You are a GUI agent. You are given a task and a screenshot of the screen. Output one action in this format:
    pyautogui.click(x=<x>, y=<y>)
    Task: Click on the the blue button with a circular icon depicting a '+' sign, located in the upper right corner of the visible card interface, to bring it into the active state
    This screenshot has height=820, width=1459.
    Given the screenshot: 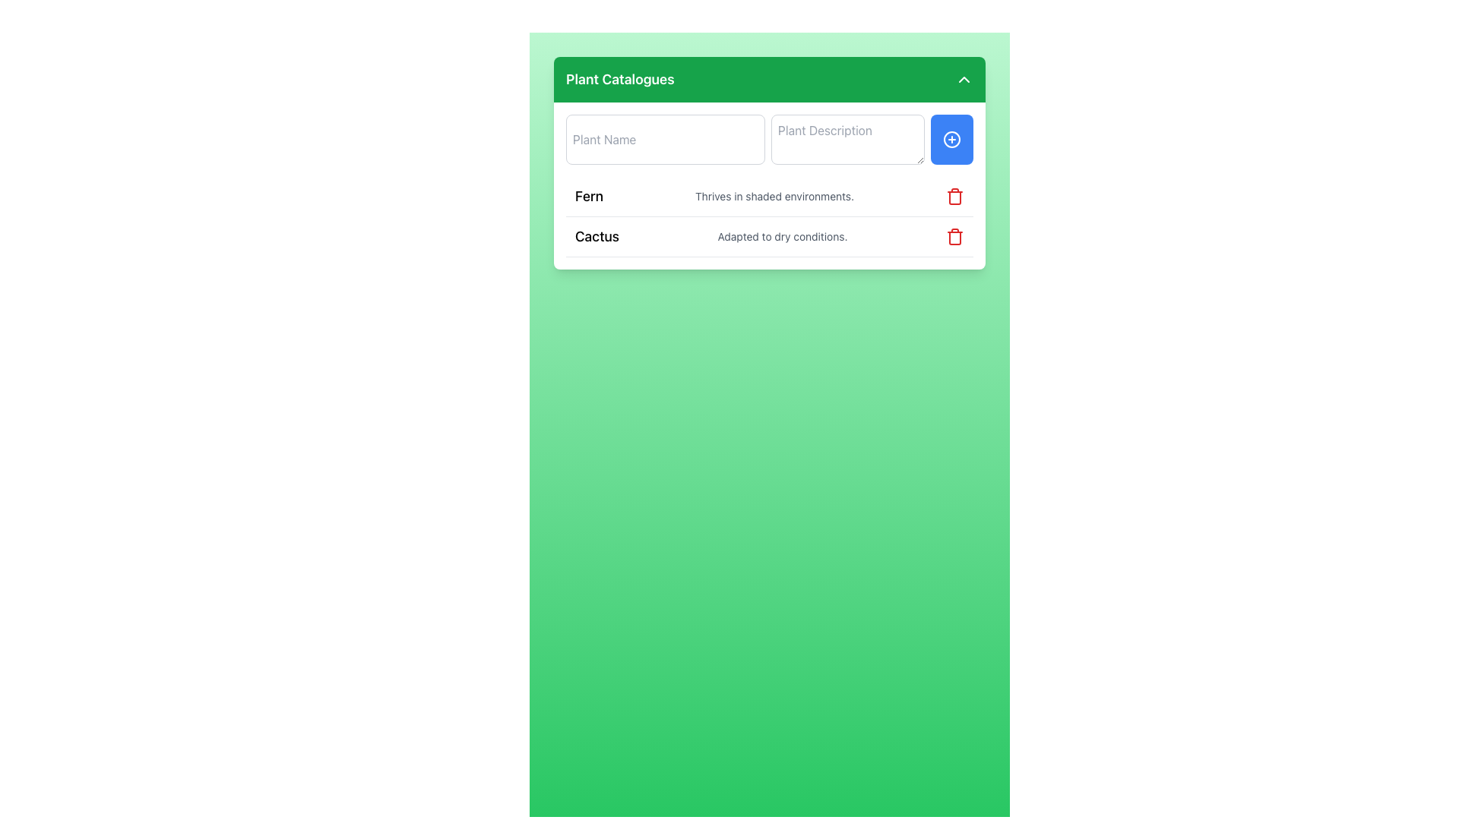 What is the action you would take?
    pyautogui.click(x=951, y=140)
    